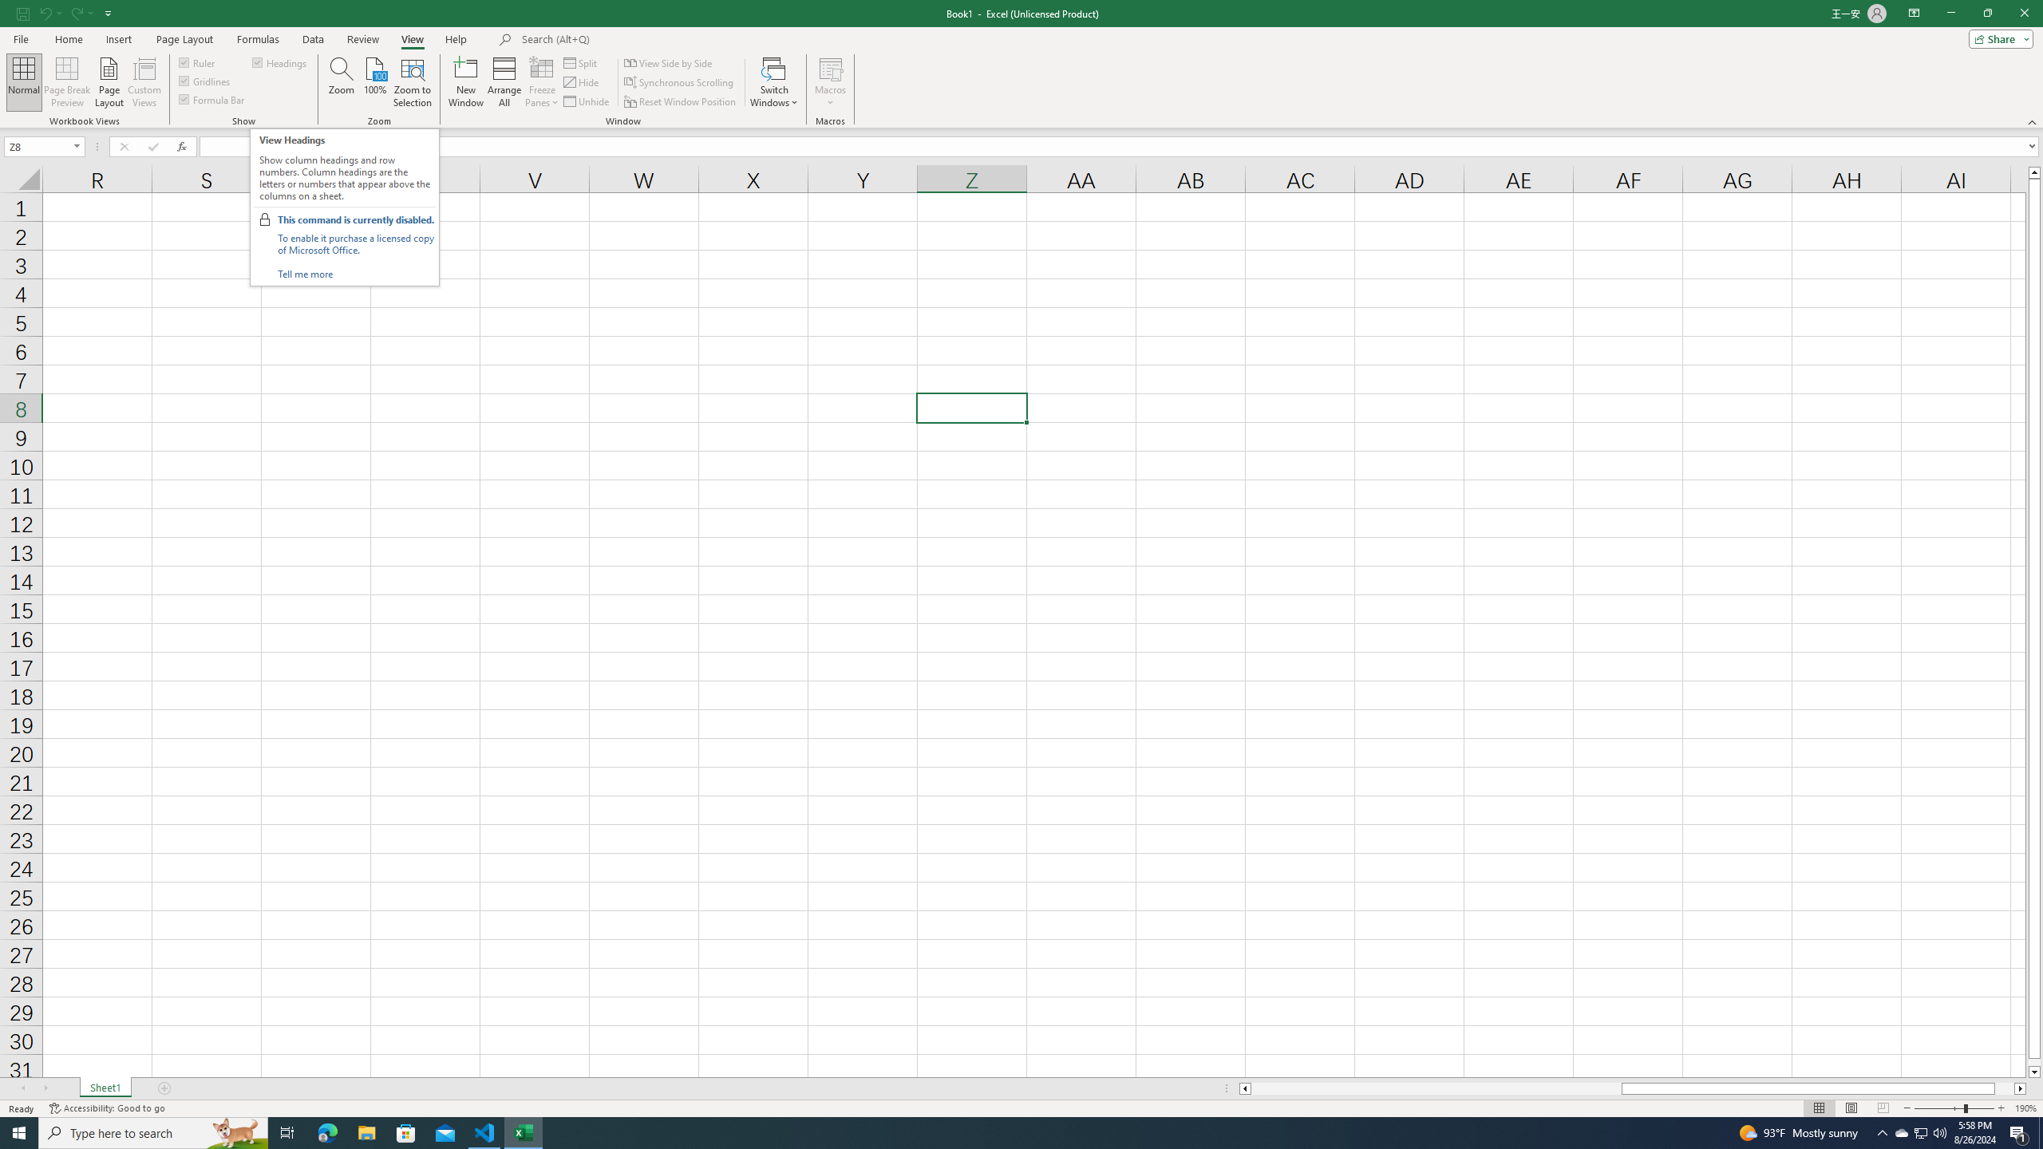 This screenshot has height=1149, width=2043. I want to click on 'Macros', so click(829, 82).